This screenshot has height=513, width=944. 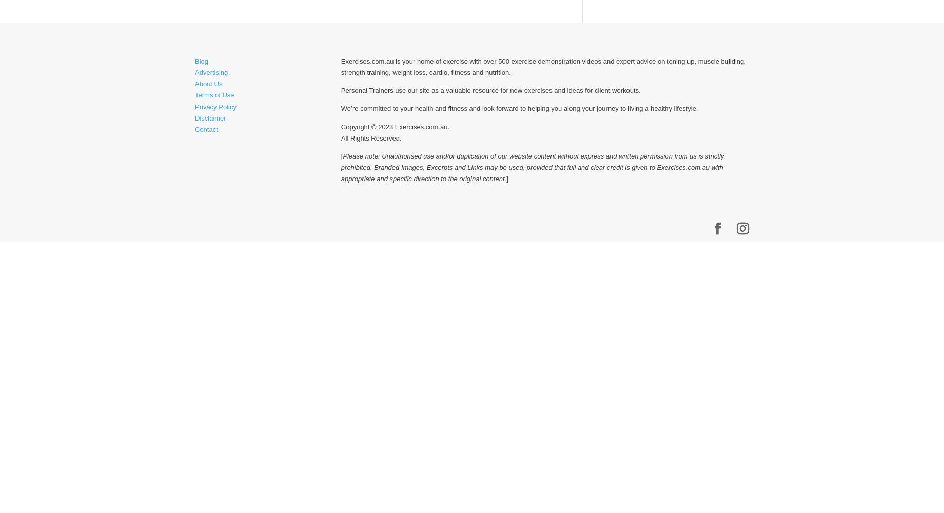 I want to click on 'Copyright © 2023 Exercises.com.au.', so click(x=340, y=126).